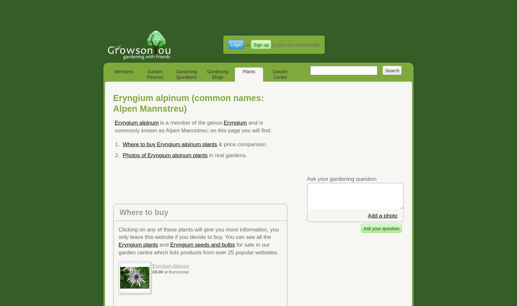 The image size is (517, 306). What do you see at coordinates (242, 144) in the screenshot?
I see `'& price comparison.'` at bounding box center [242, 144].